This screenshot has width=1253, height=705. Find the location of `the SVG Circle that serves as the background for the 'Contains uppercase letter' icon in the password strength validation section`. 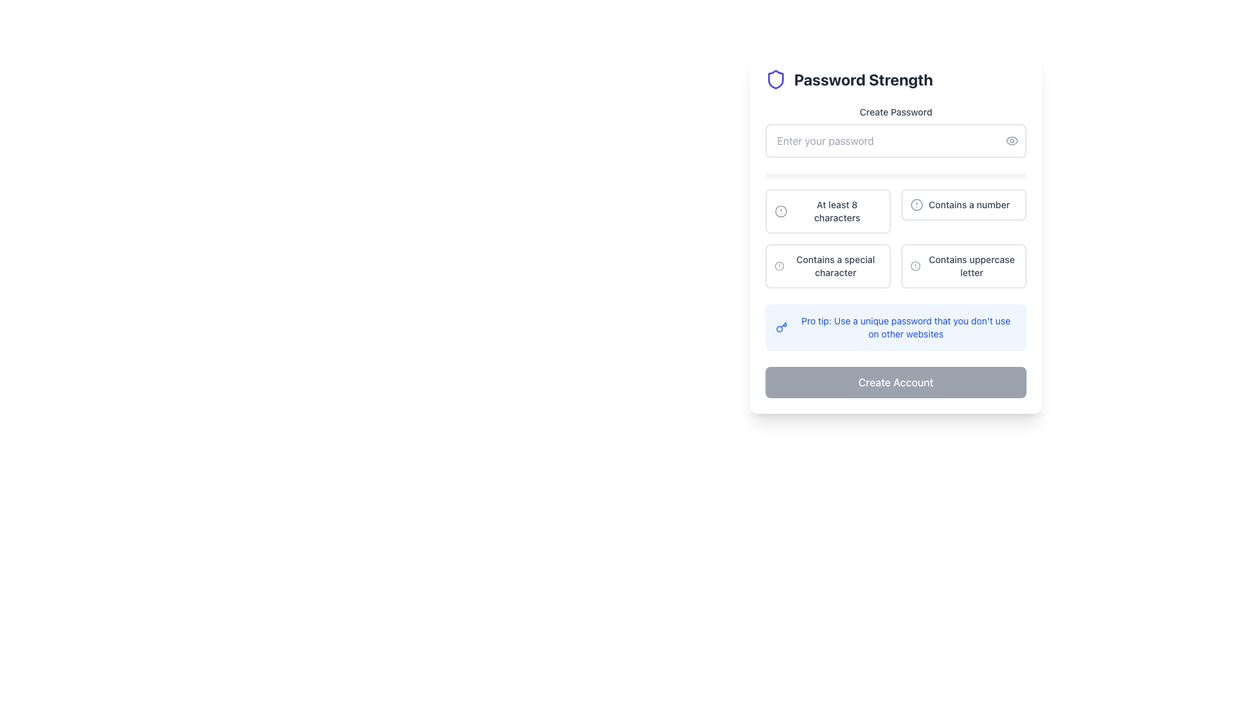

the SVG Circle that serves as the background for the 'Contains uppercase letter' icon in the password strength validation section is located at coordinates (915, 266).